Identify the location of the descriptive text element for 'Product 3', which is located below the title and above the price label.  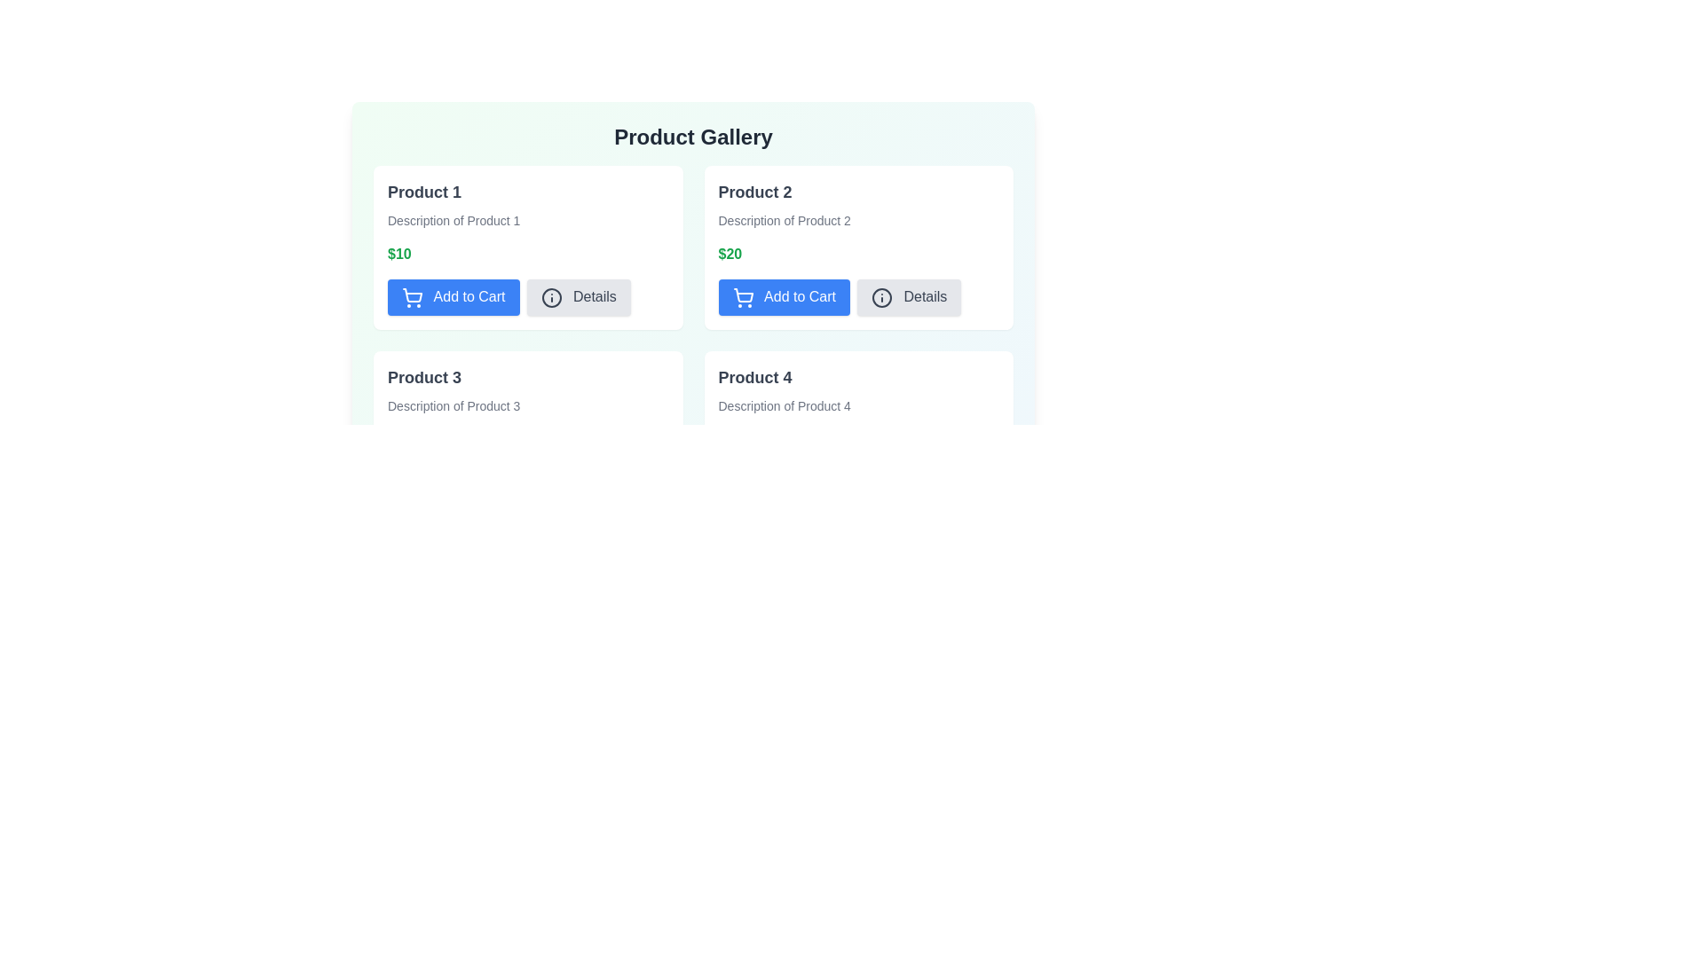
(454, 405).